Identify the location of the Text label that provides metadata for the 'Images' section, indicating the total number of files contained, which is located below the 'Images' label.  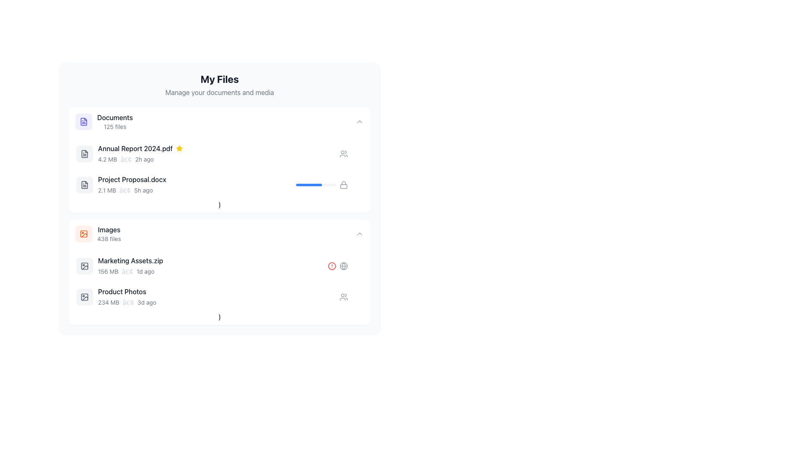
(109, 239).